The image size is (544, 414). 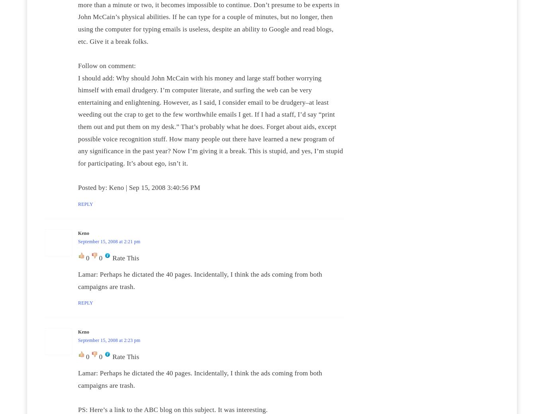 I want to click on 'PS:  Here’s a link to the ABC blog on this subject.  It was interesting.', so click(x=172, y=410).